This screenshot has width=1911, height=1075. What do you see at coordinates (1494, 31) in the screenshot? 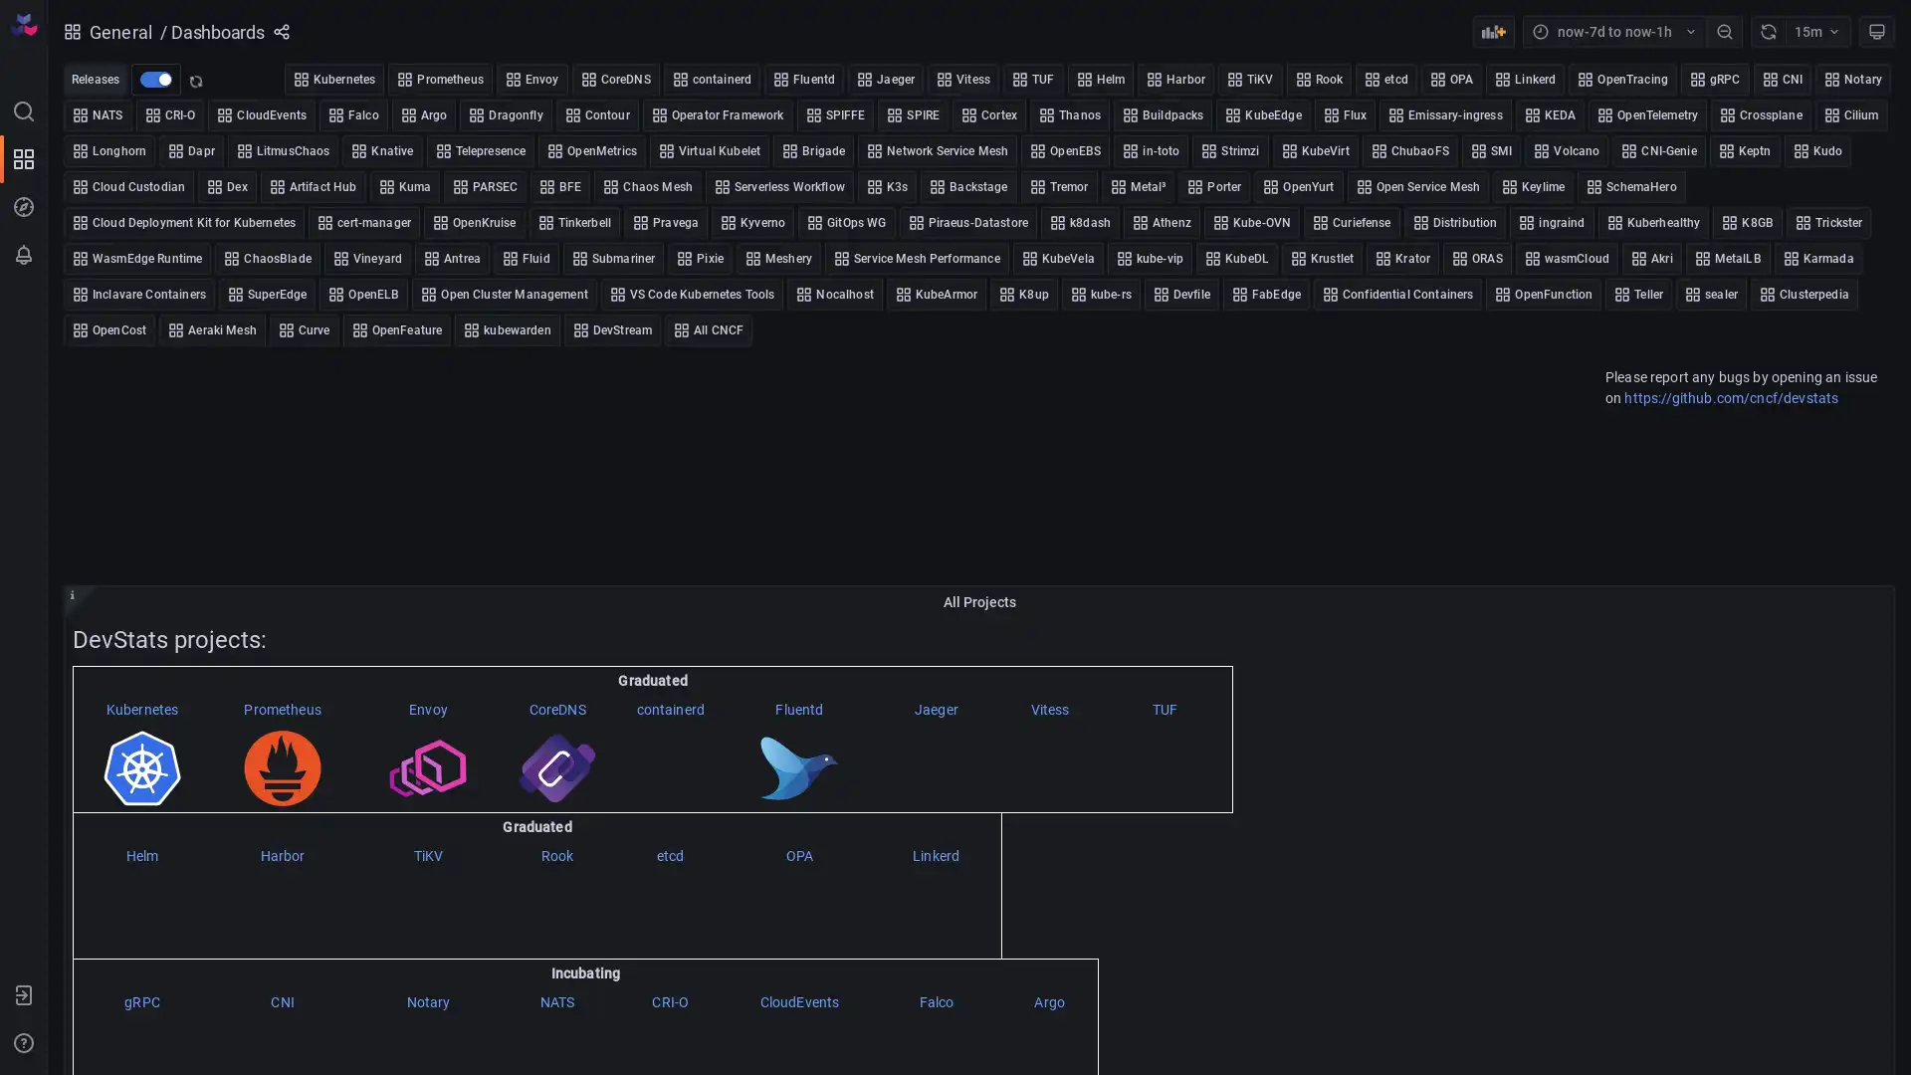
I see `Add panel` at bounding box center [1494, 31].